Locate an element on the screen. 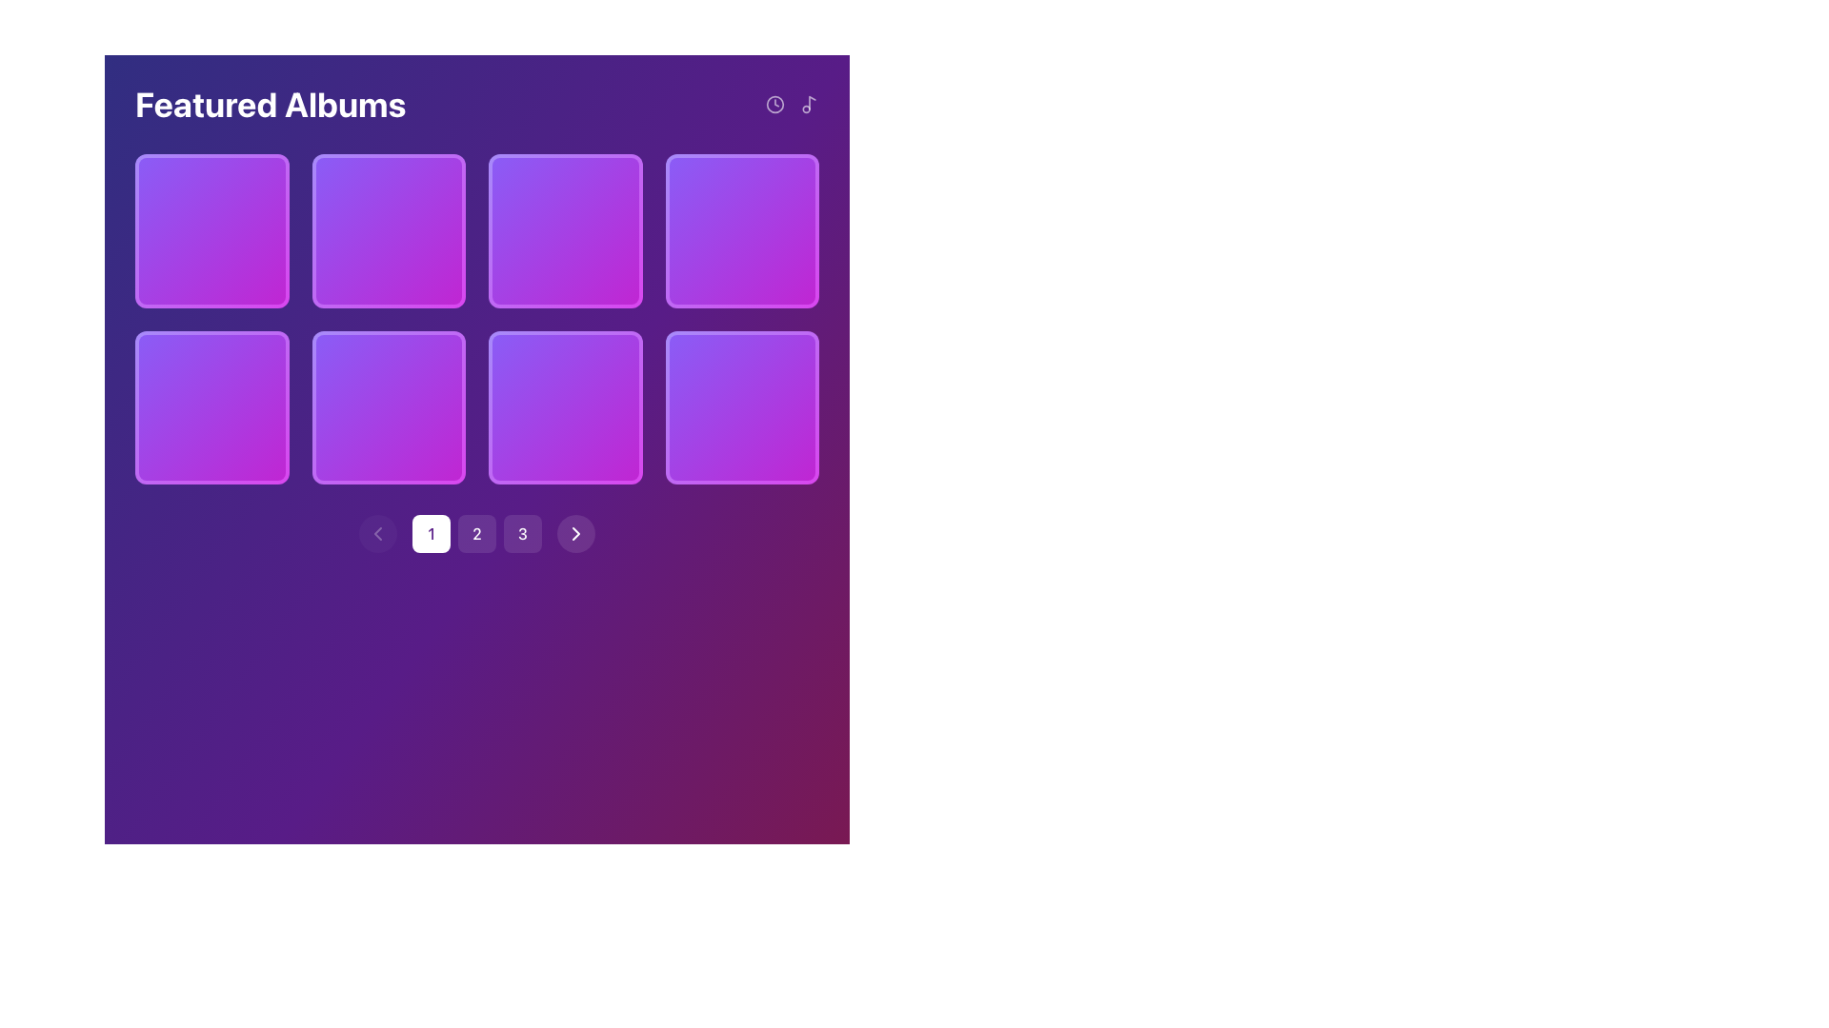 The height and width of the screenshot is (1028, 1829). the center button labeled '2' in the pagination control to change its background color is located at coordinates (476, 533).